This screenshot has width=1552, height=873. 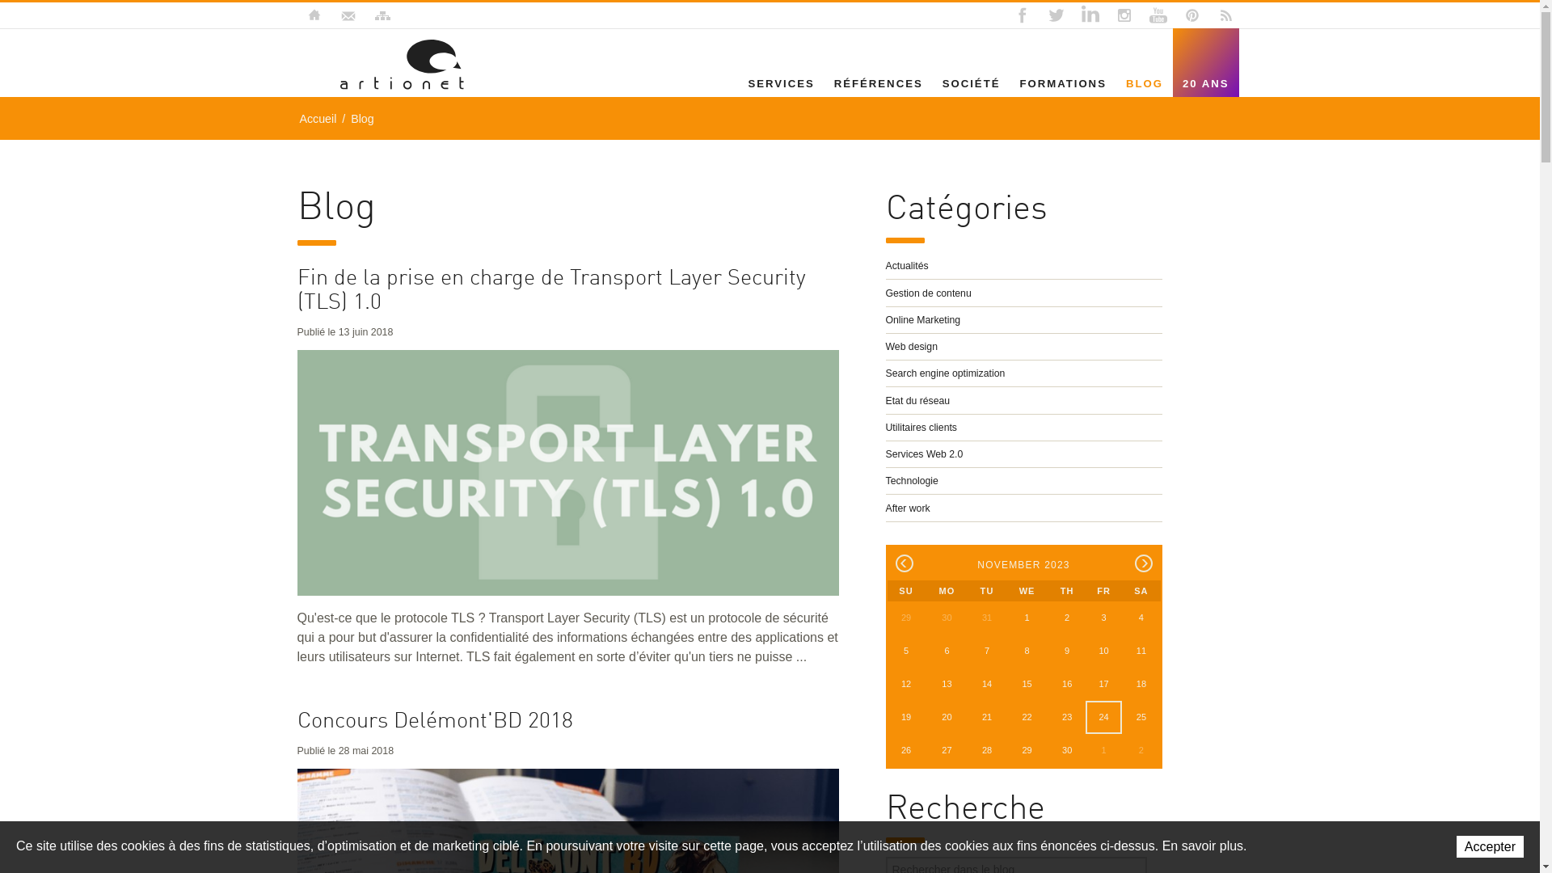 What do you see at coordinates (347, 15) in the screenshot?
I see `'Contact'` at bounding box center [347, 15].